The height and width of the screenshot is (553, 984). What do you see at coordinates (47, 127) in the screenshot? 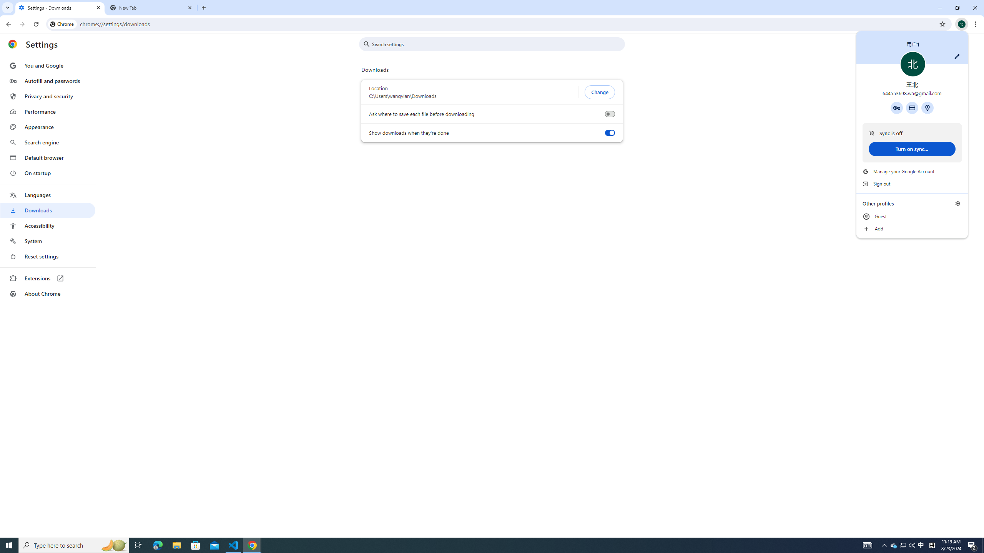
I see `'Appearance'` at bounding box center [47, 127].